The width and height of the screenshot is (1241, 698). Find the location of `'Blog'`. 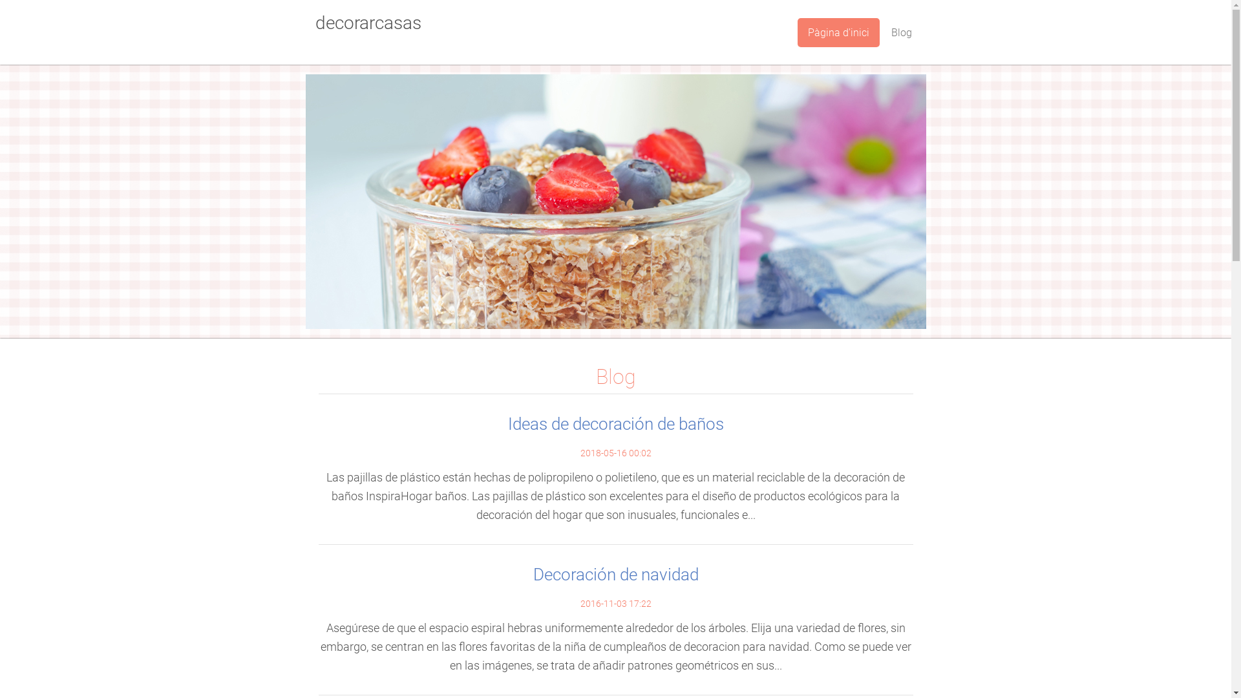

'Blog' is located at coordinates (900, 32).